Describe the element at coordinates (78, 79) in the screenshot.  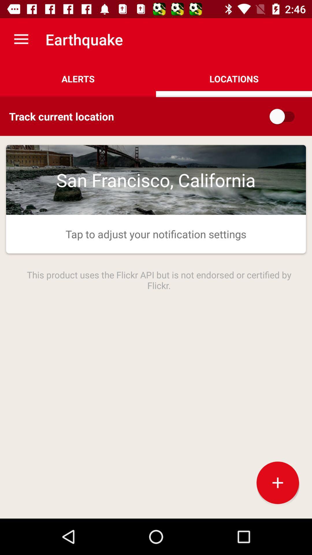
I see `the item above the track current location` at that location.